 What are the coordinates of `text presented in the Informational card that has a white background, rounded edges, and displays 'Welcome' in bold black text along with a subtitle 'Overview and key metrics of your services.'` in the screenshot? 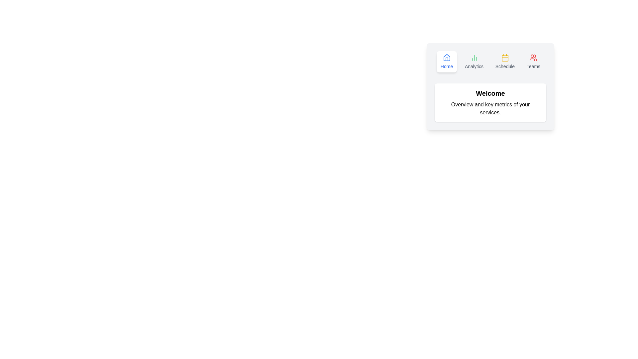 It's located at (490, 115).